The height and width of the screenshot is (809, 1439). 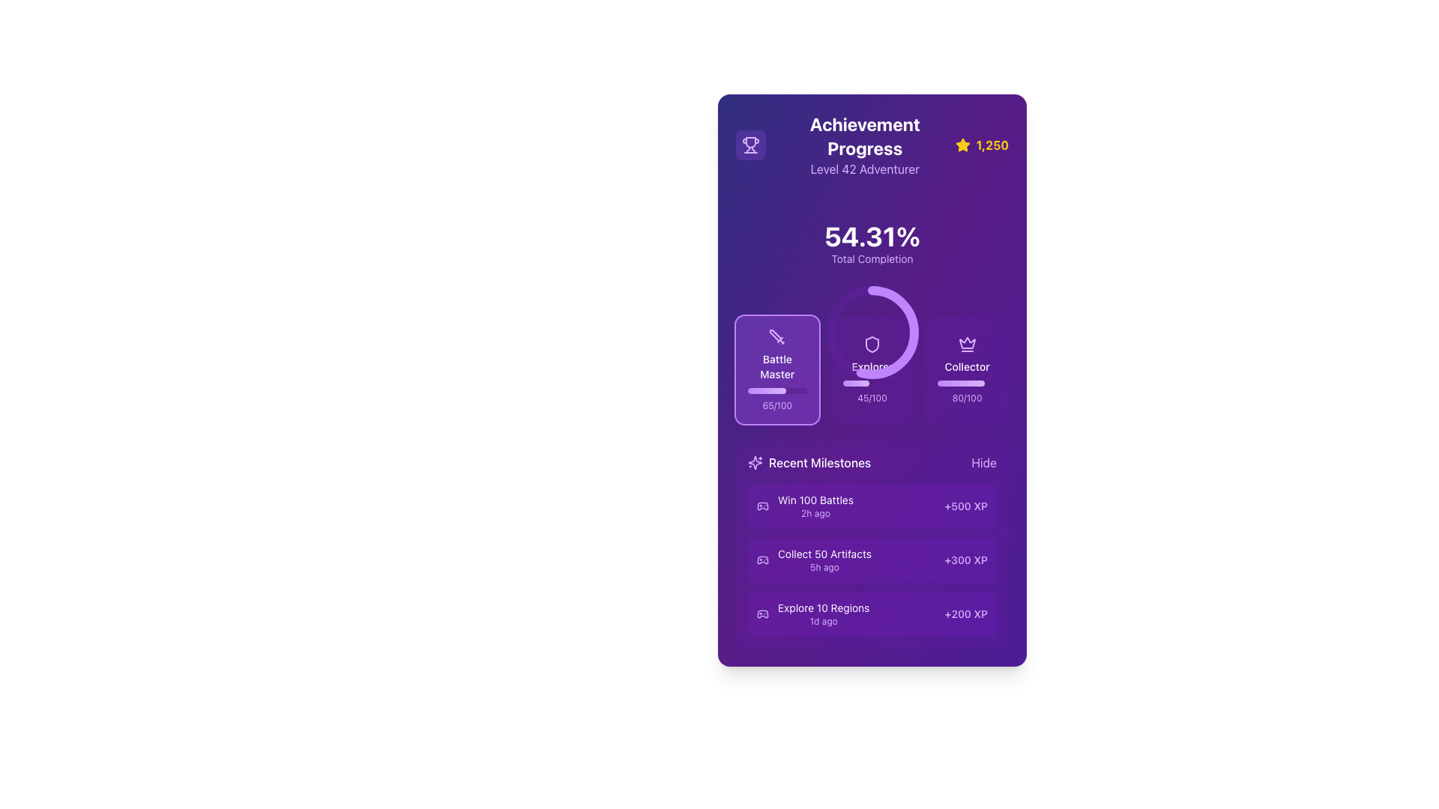 What do you see at coordinates (865, 169) in the screenshot?
I see `the text label displaying 'Level 42 Adventurer', which indicates the user's achievement or status level, located under the 'Achievement Progress' header` at bounding box center [865, 169].